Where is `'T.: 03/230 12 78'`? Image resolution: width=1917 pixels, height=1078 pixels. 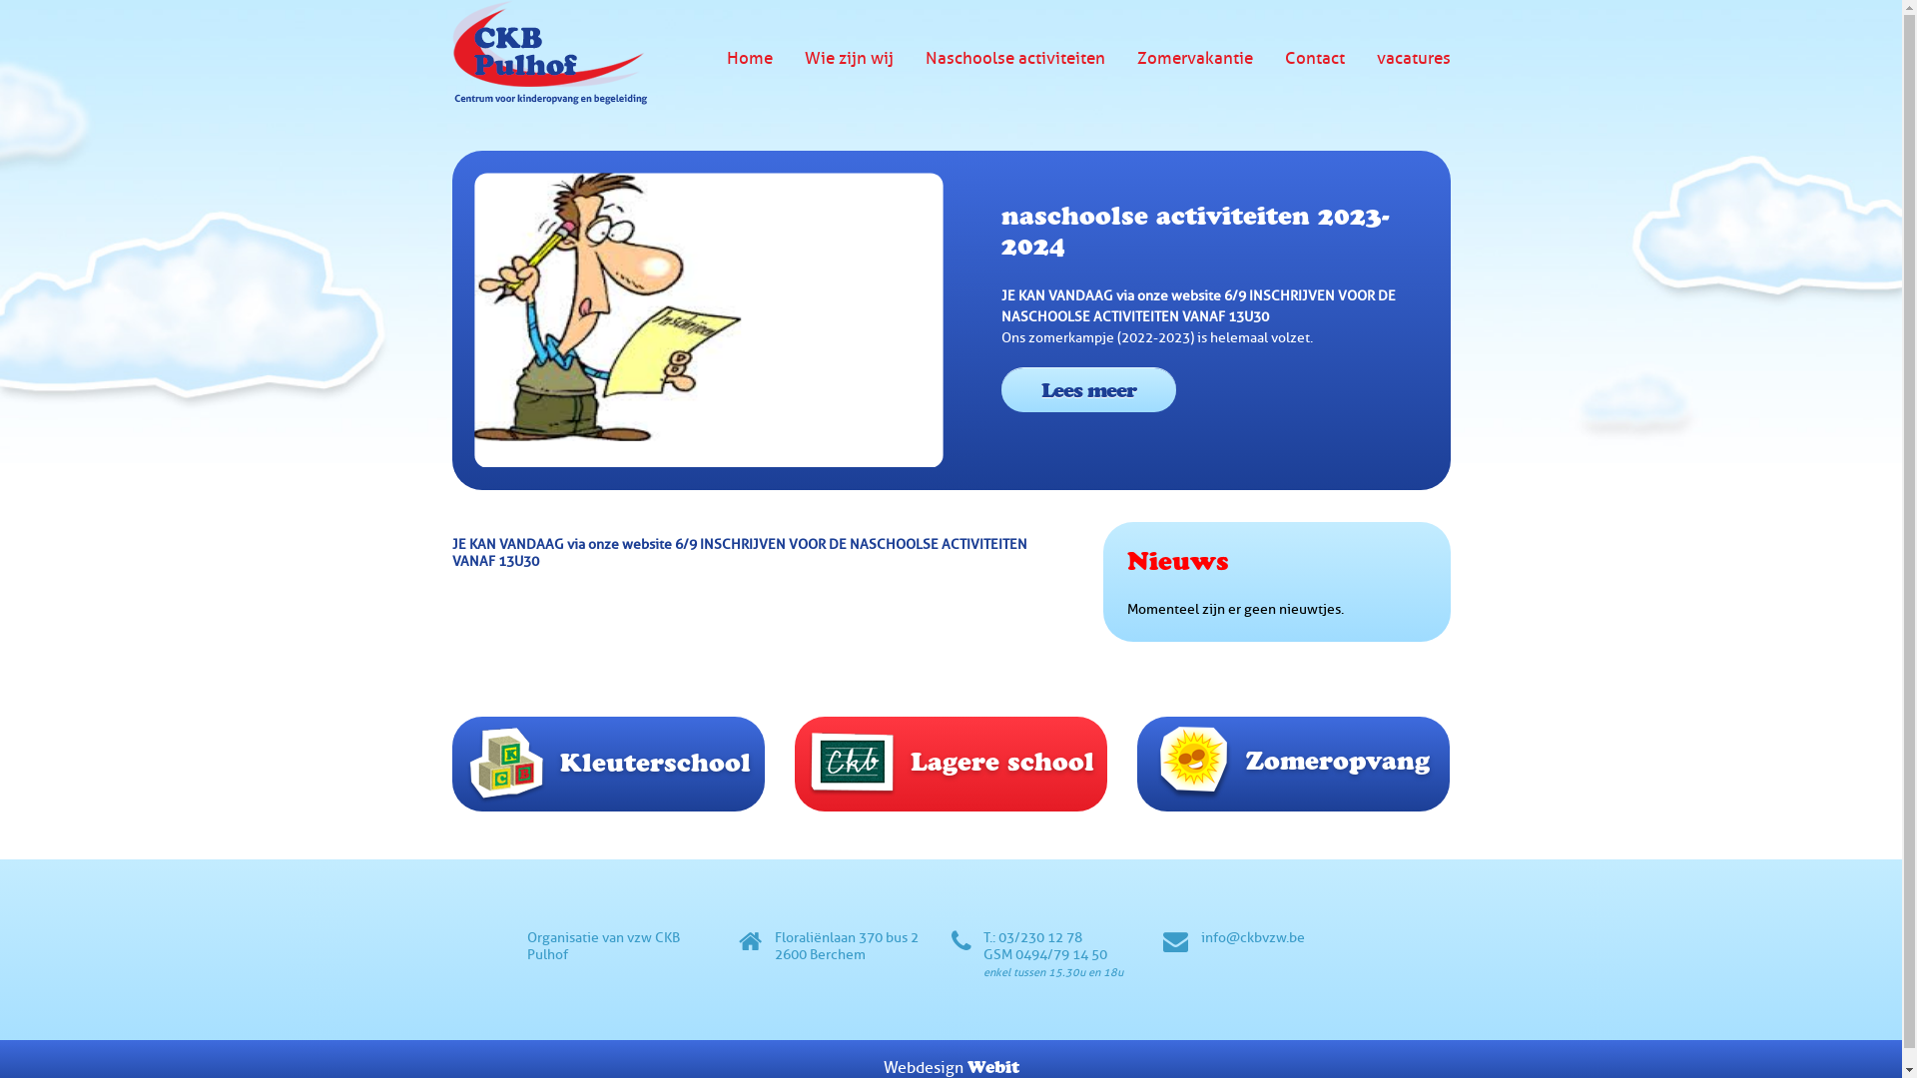 'T.: 03/230 12 78' is located at coordinates (982, 937).